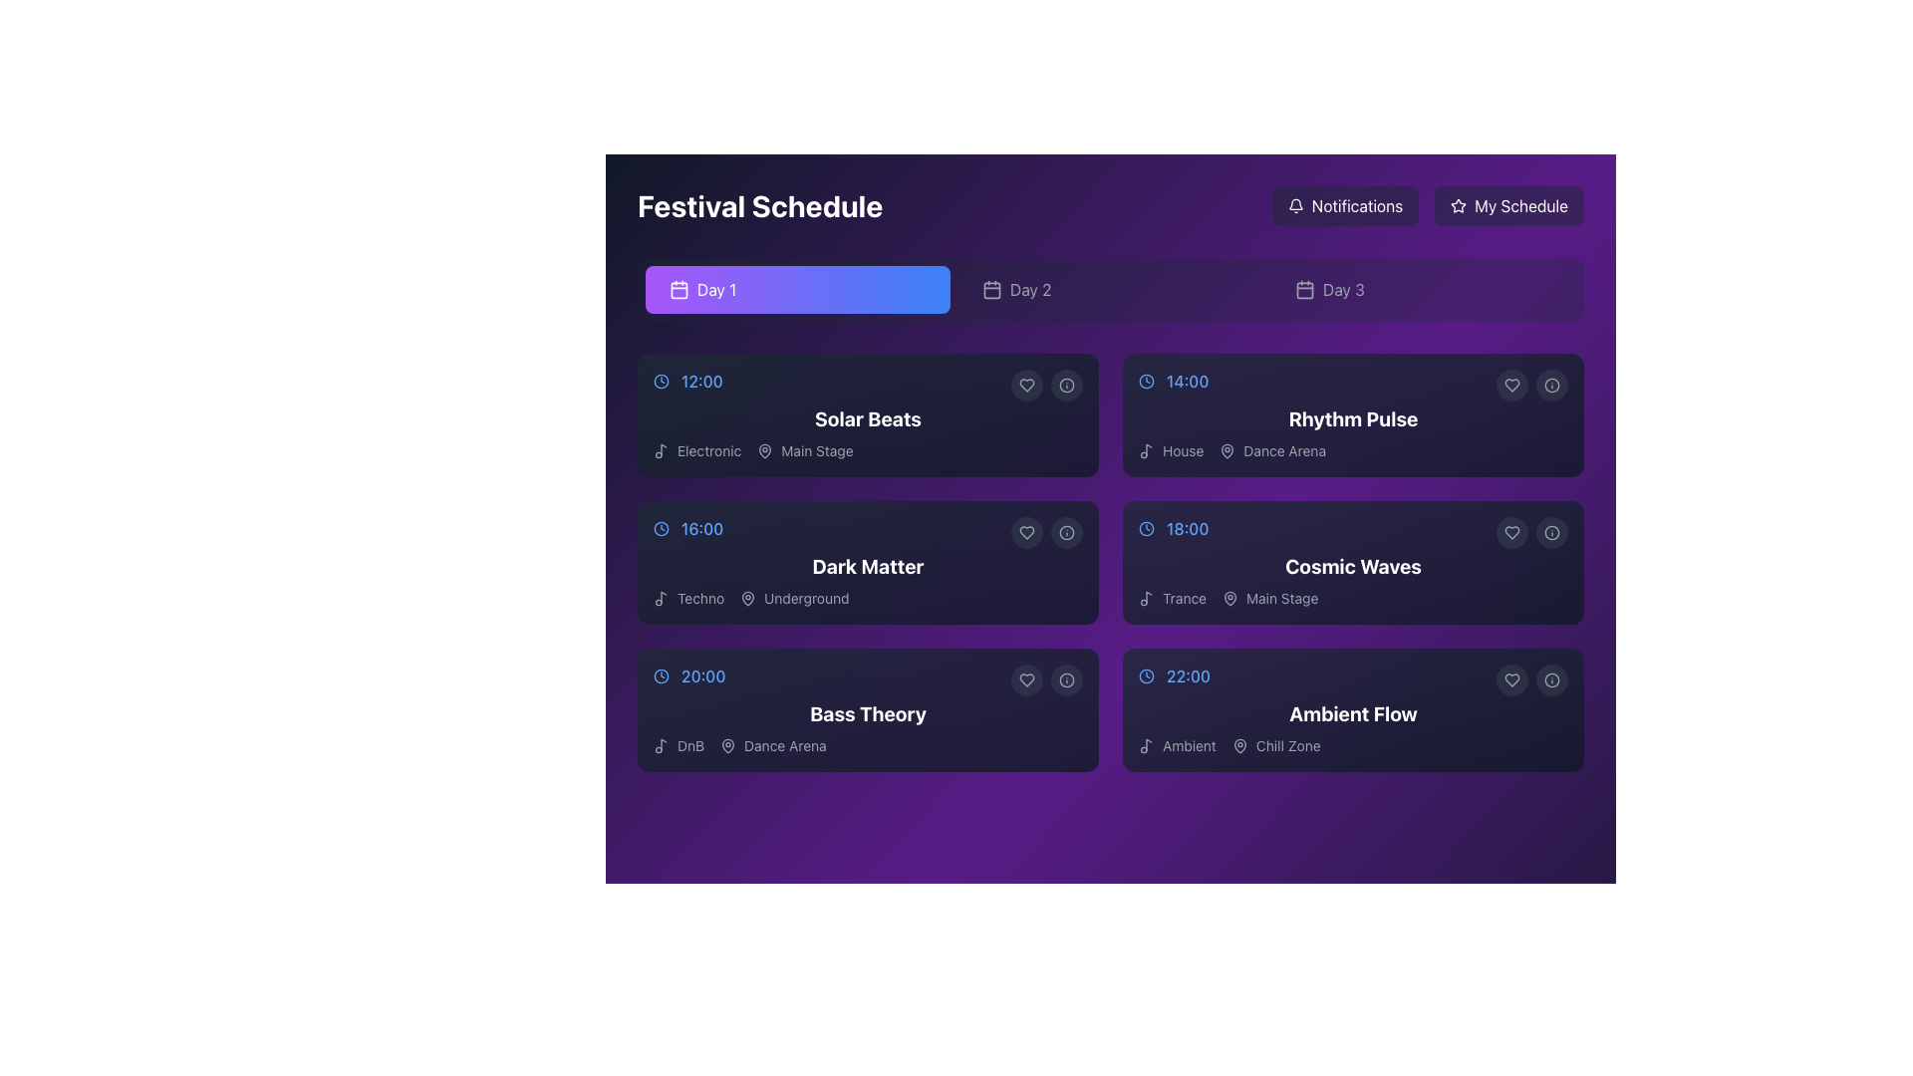 This screenshot has width=1913, height=1076. What do you see at coordinates (1305, 289) in the screenshot?
I see `the decorative icon for the 'Day 3' tab, which visually indicates that this tab represents a calendar day` at bounding box center [1305, 289].